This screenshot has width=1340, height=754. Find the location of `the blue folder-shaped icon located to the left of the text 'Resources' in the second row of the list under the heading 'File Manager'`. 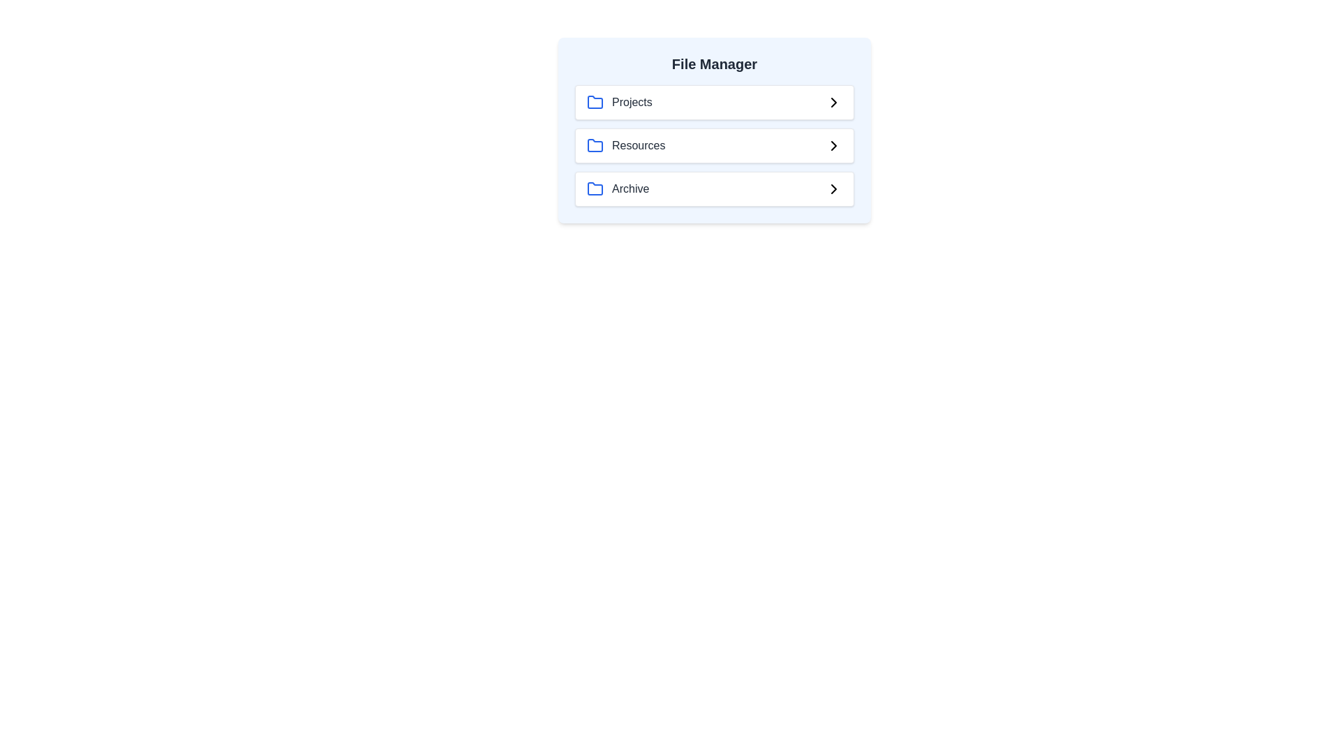

the blue folder-shaped icon located to the left of the text 'Resources' in the second row of the list under the heading 'File Manager' is located at coordinates (595, 145).